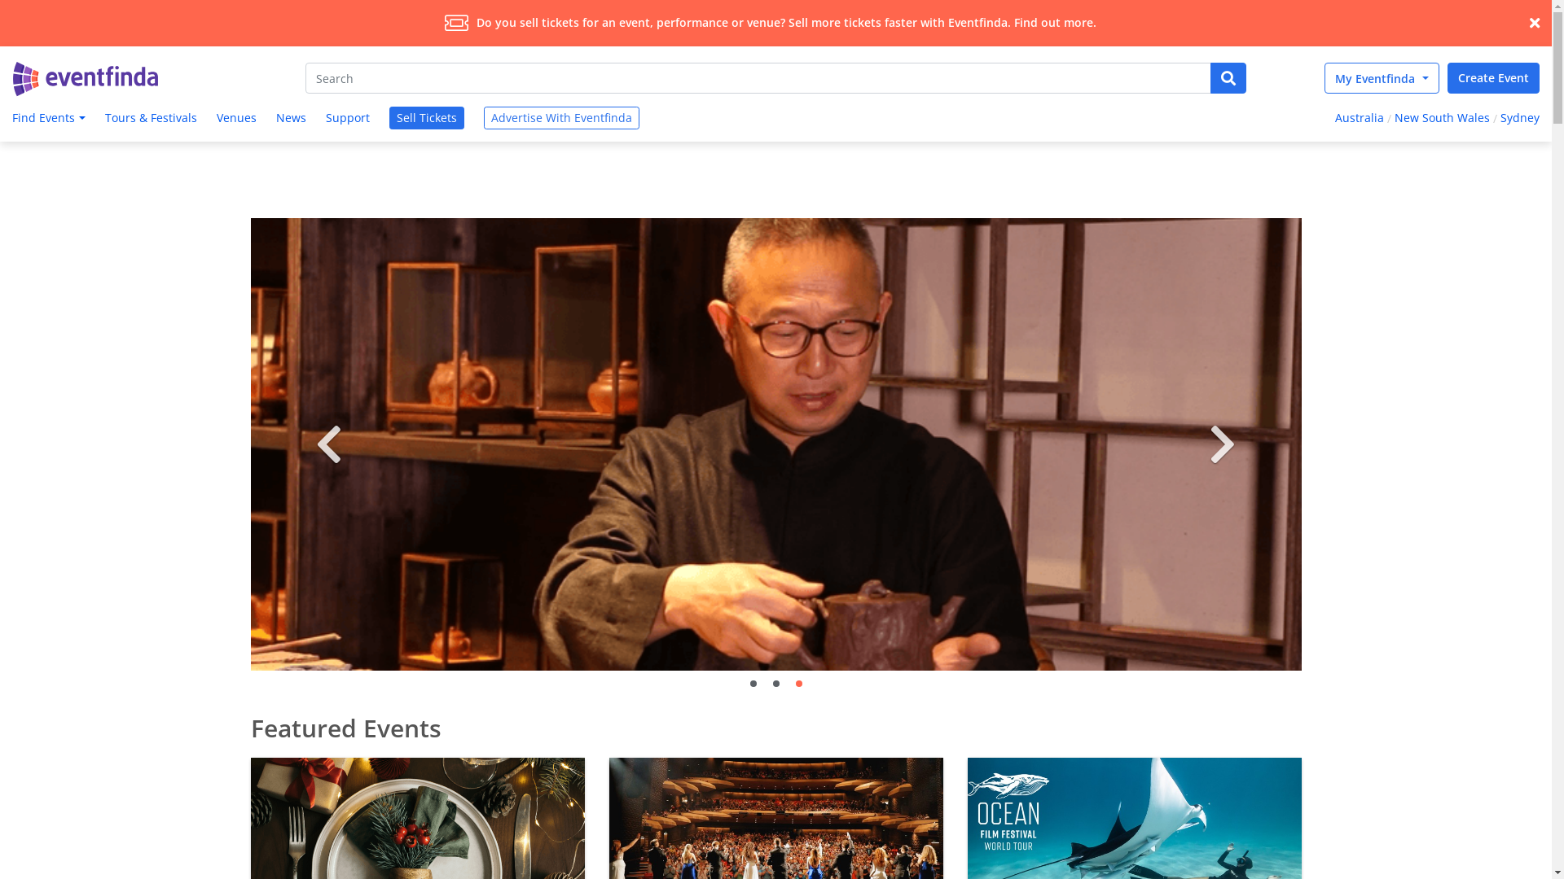 Image resolution: width=1564 pixels, height=879 pixels. I want to click on 'Sell Tickets', so click(389, 117).